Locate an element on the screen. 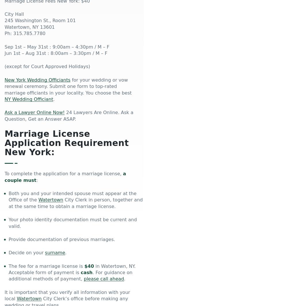 The width and height of the screenshot is (281, 306). 'Ask a Lawyer Online Now!' is located at coordinates (34, 112).